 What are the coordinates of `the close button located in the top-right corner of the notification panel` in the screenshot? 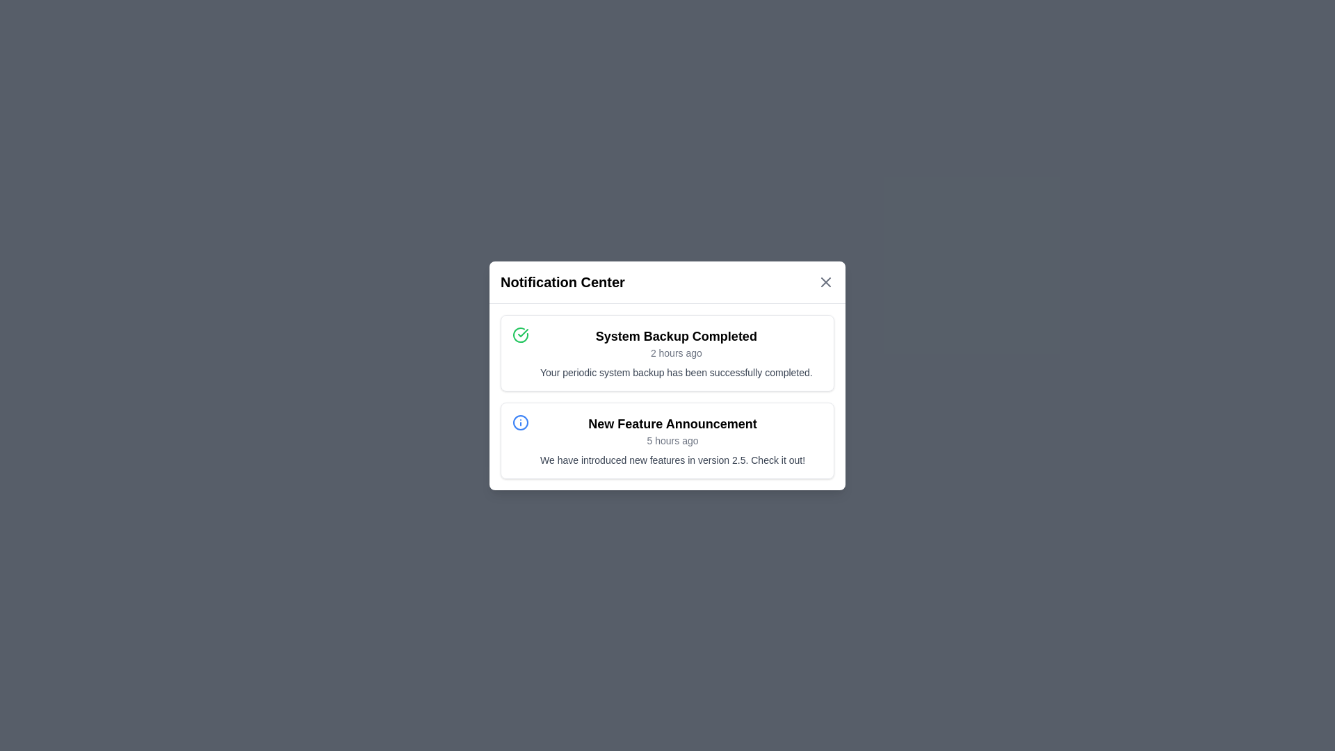 It's located at (826, 282).